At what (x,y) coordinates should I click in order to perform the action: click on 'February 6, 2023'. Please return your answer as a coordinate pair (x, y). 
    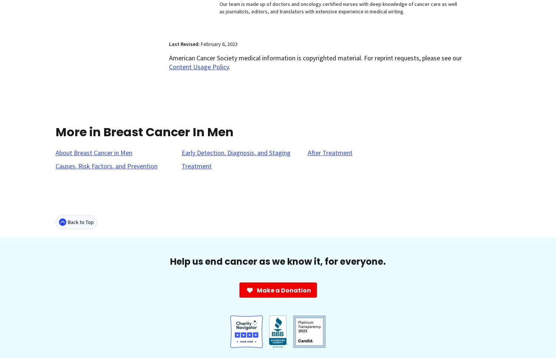
    Looking at the image, I should click on (219, 44).